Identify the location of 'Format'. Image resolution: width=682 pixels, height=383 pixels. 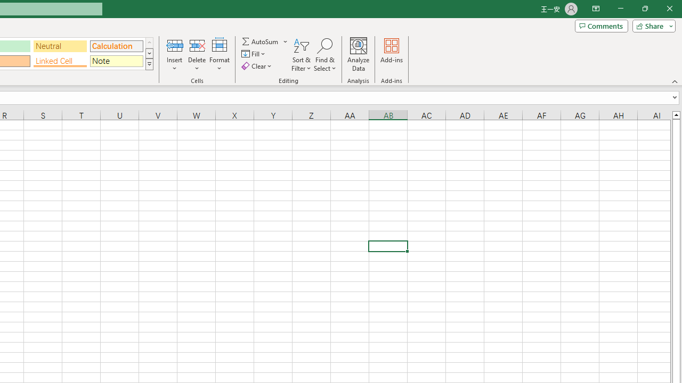
(219, 55).